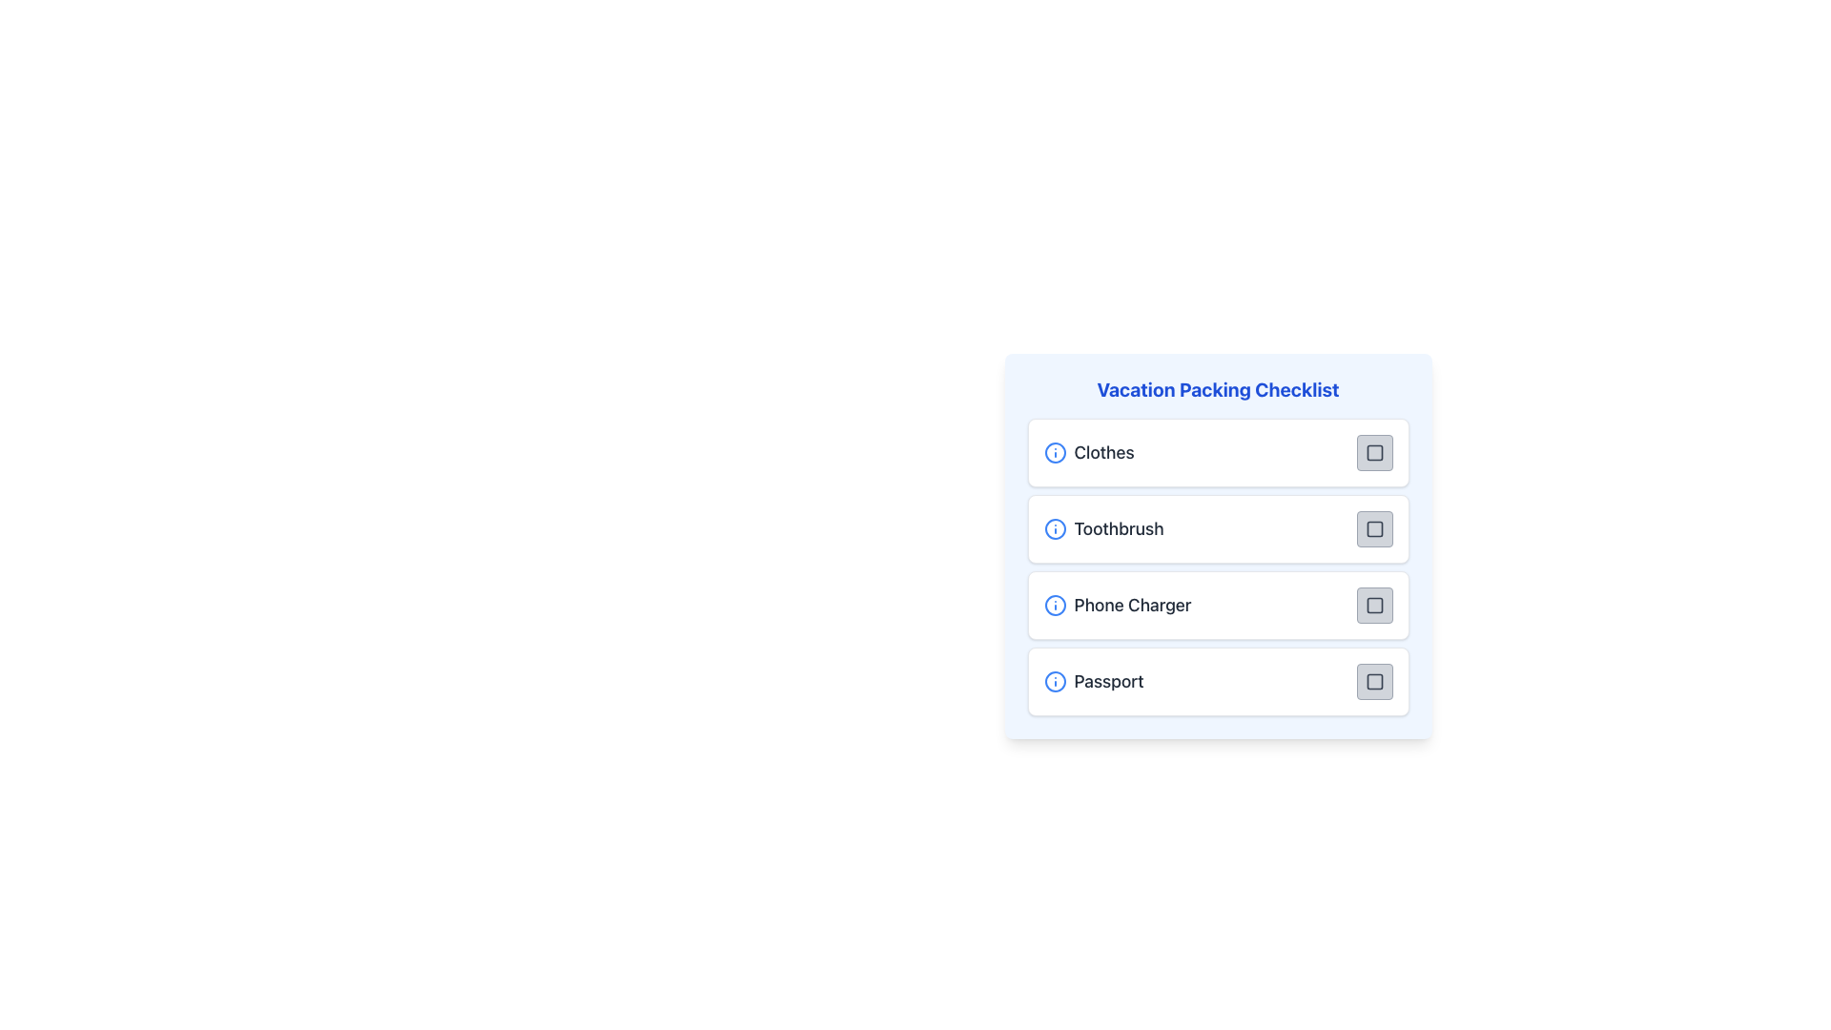 This screenshot has width=1831, height=1030. I want to click on the label displaying the word 'Toothbrush', which is the second item in the checklist located below 'Clothes' and above 'Phone Charger', so click(1119, 529).